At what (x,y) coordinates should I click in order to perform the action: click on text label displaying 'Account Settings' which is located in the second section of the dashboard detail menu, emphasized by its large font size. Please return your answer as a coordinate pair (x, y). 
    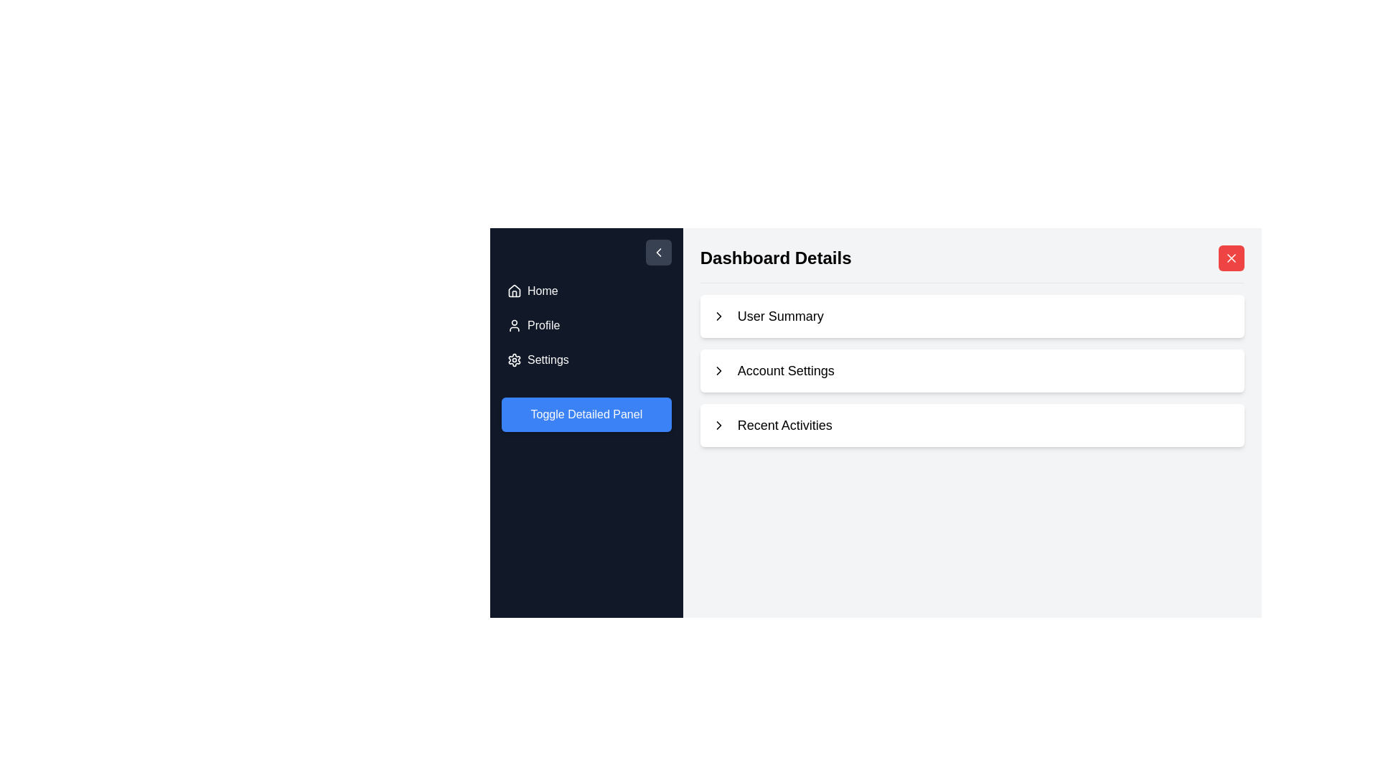
    Looking at the image, I should click on (785, 370).